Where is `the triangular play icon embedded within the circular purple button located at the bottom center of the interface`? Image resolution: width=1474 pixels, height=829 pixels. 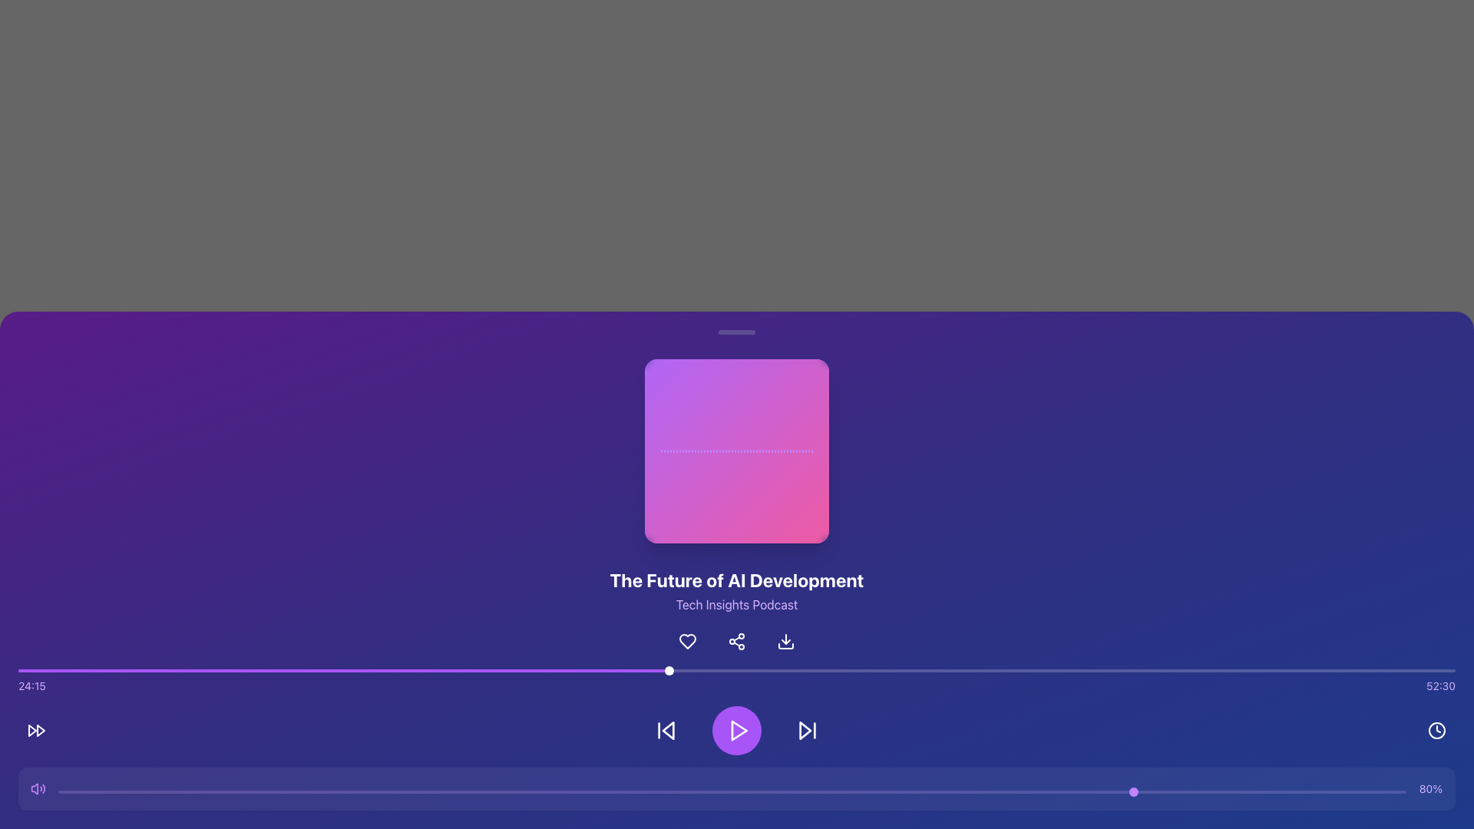
the triangular play icon embedded within the circular purple button located at the bottom center of the interface is located at coordinates (738, 730).